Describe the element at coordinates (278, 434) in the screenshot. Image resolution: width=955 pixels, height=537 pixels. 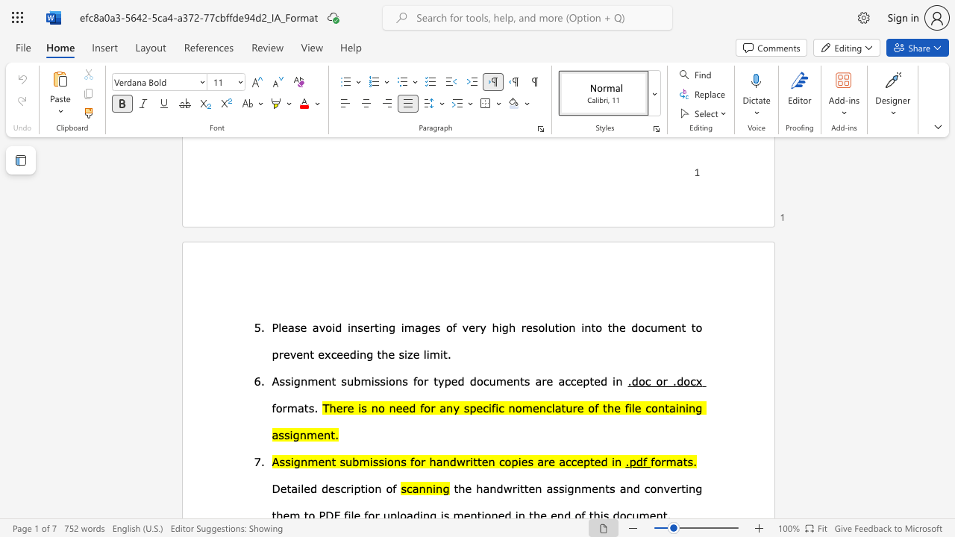
I see `the subset text "ss" within the text "assignment."` at that location.